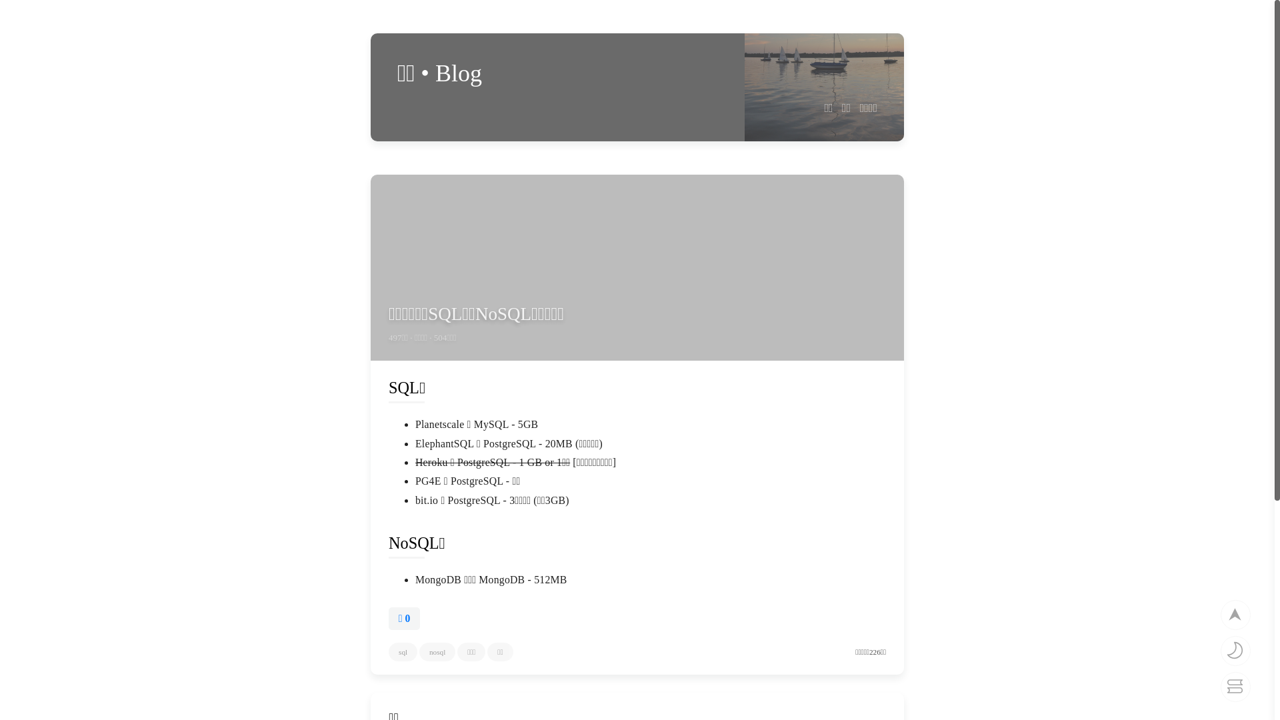 The image size is (1280, 720). What do you see at coordinates (402, 651) in the screenshot?
I see `'sql'` at bounding box center [402, 651].